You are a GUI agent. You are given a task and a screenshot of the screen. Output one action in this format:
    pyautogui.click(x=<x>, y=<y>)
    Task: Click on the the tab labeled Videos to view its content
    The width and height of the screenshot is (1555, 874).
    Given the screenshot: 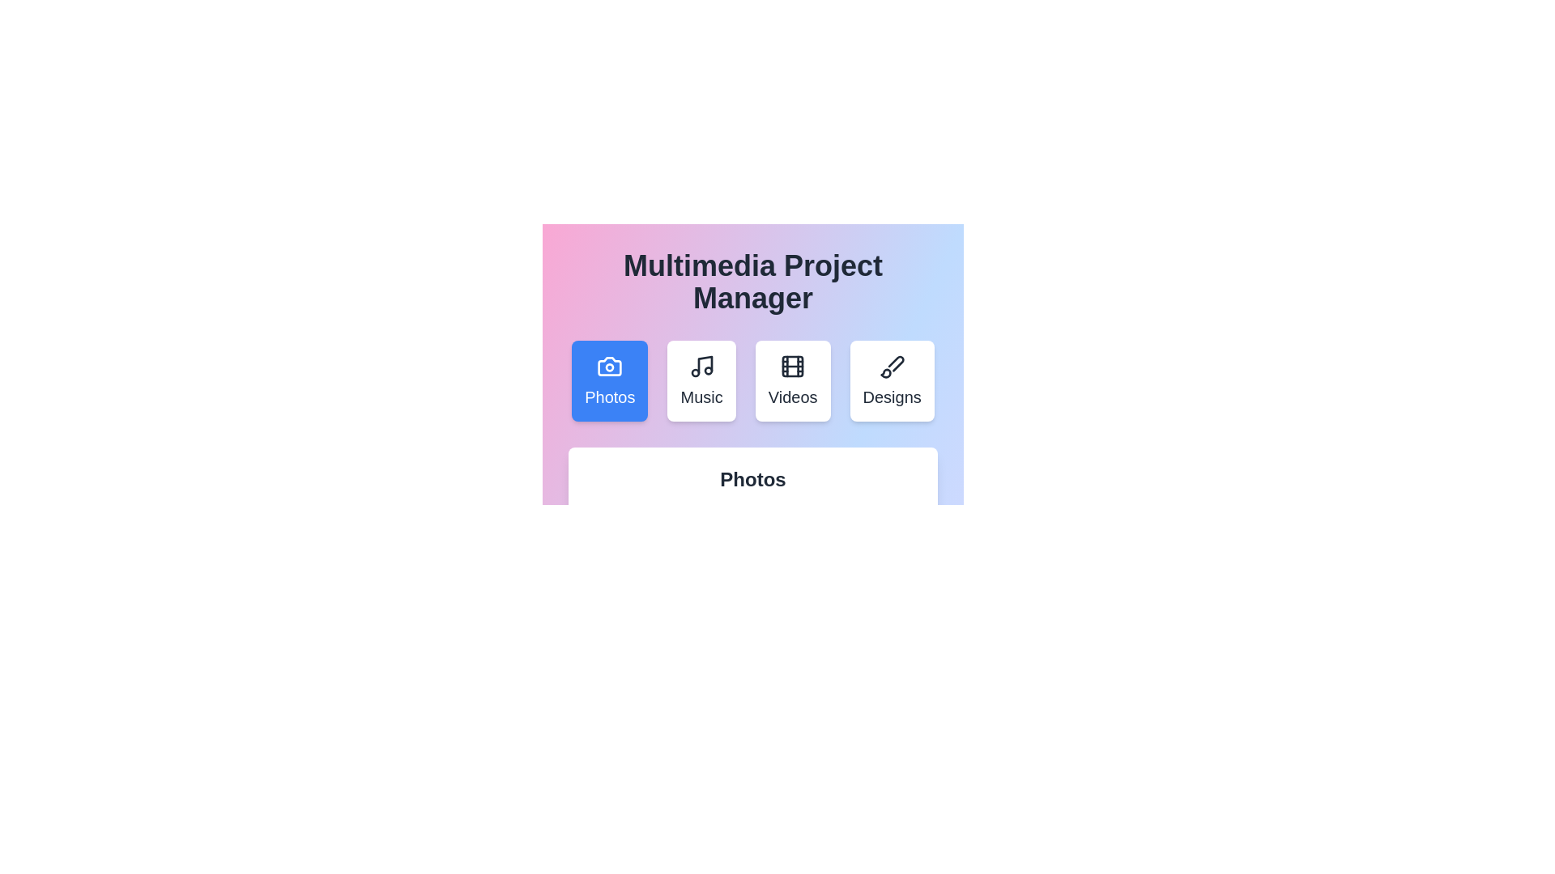 What is the action you would take?
    pyautogui.click(x=793, y=380)
    